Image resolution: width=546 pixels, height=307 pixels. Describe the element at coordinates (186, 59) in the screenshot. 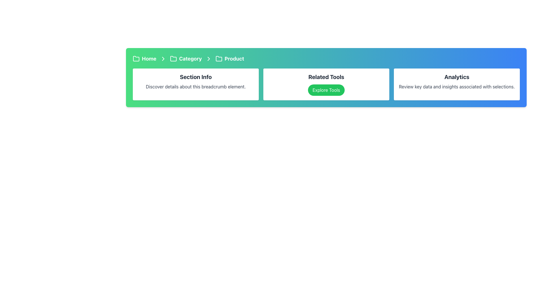

I see `the hyperlink in the breadcrumb navigation that redirects to the 'Category' section, positioned between 'Home' and 'Product'` at that location.